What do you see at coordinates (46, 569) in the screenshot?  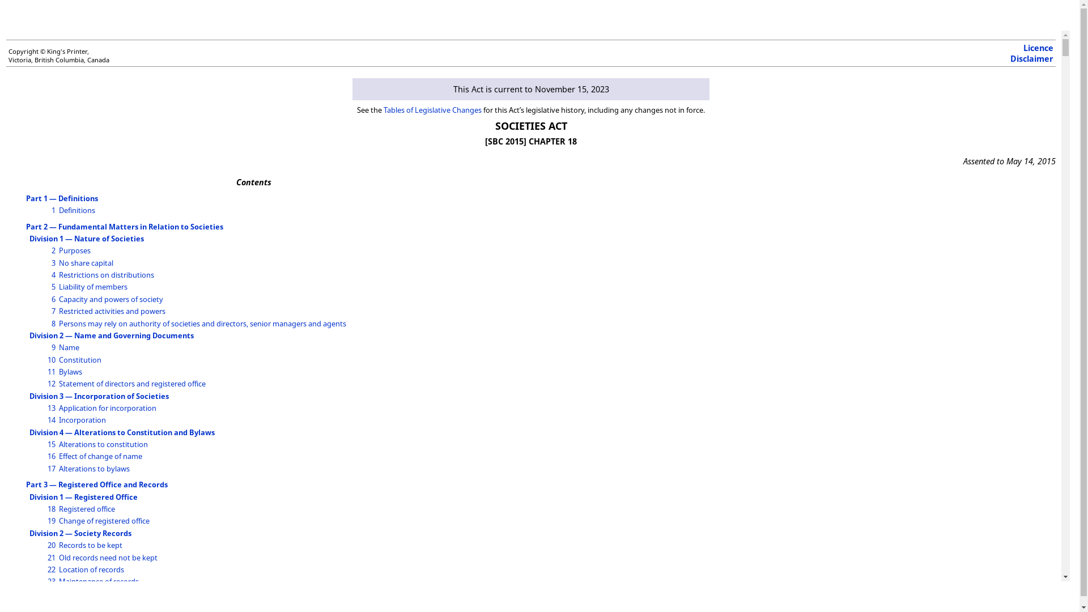 I see `'22'` at bounding box center [46, 569].